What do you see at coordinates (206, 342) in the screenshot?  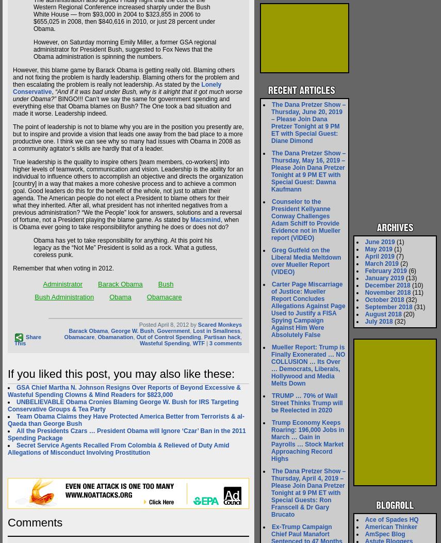 I see `'|'` at bounding box center [206, 342].